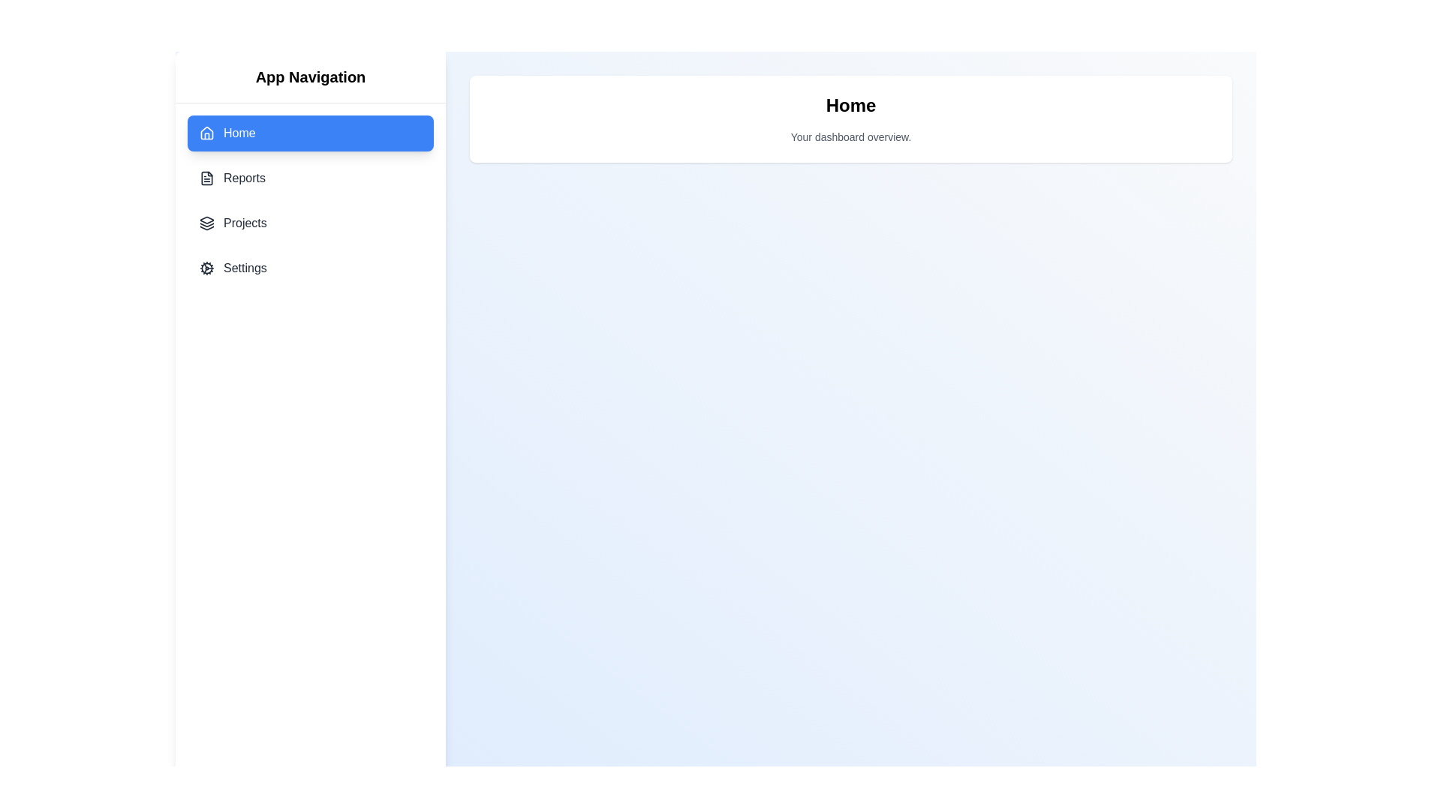 The image size is (1441, 810). I want to click on the menu item Projects from the dashboard menu, so click(309, 223).